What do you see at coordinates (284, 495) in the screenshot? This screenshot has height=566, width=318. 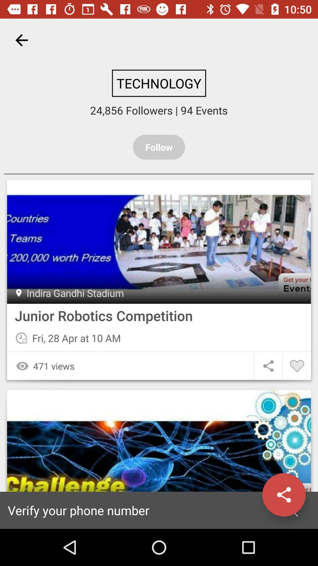 I see `the share icon` at bounding box center [284, 495].